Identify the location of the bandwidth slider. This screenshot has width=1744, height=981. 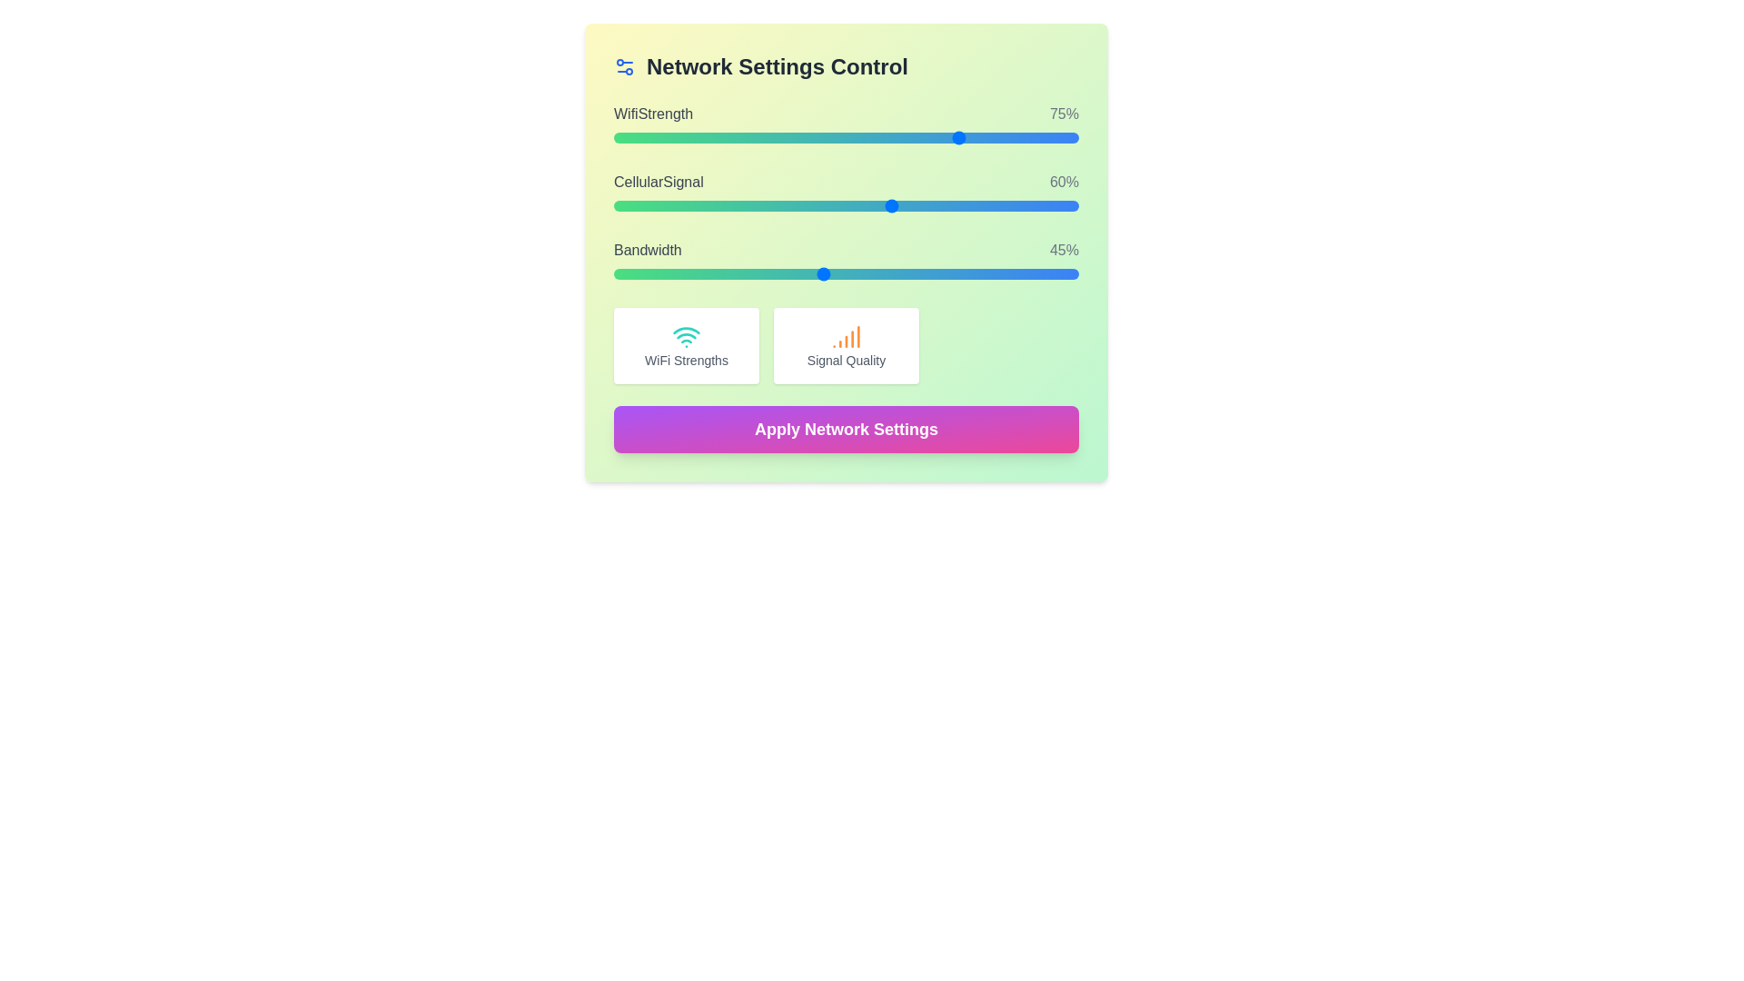
(884, 273).